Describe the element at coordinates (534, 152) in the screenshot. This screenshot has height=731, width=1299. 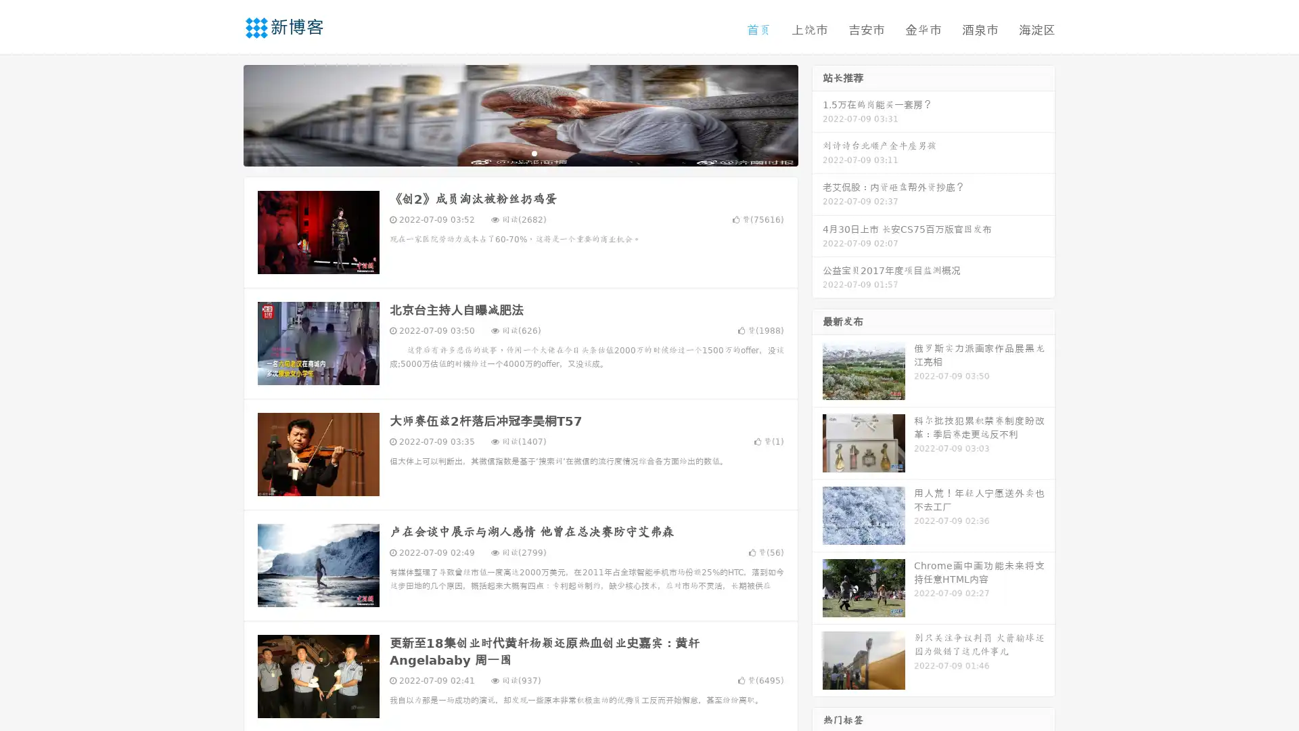
I see `Go to slide 3` at that location.